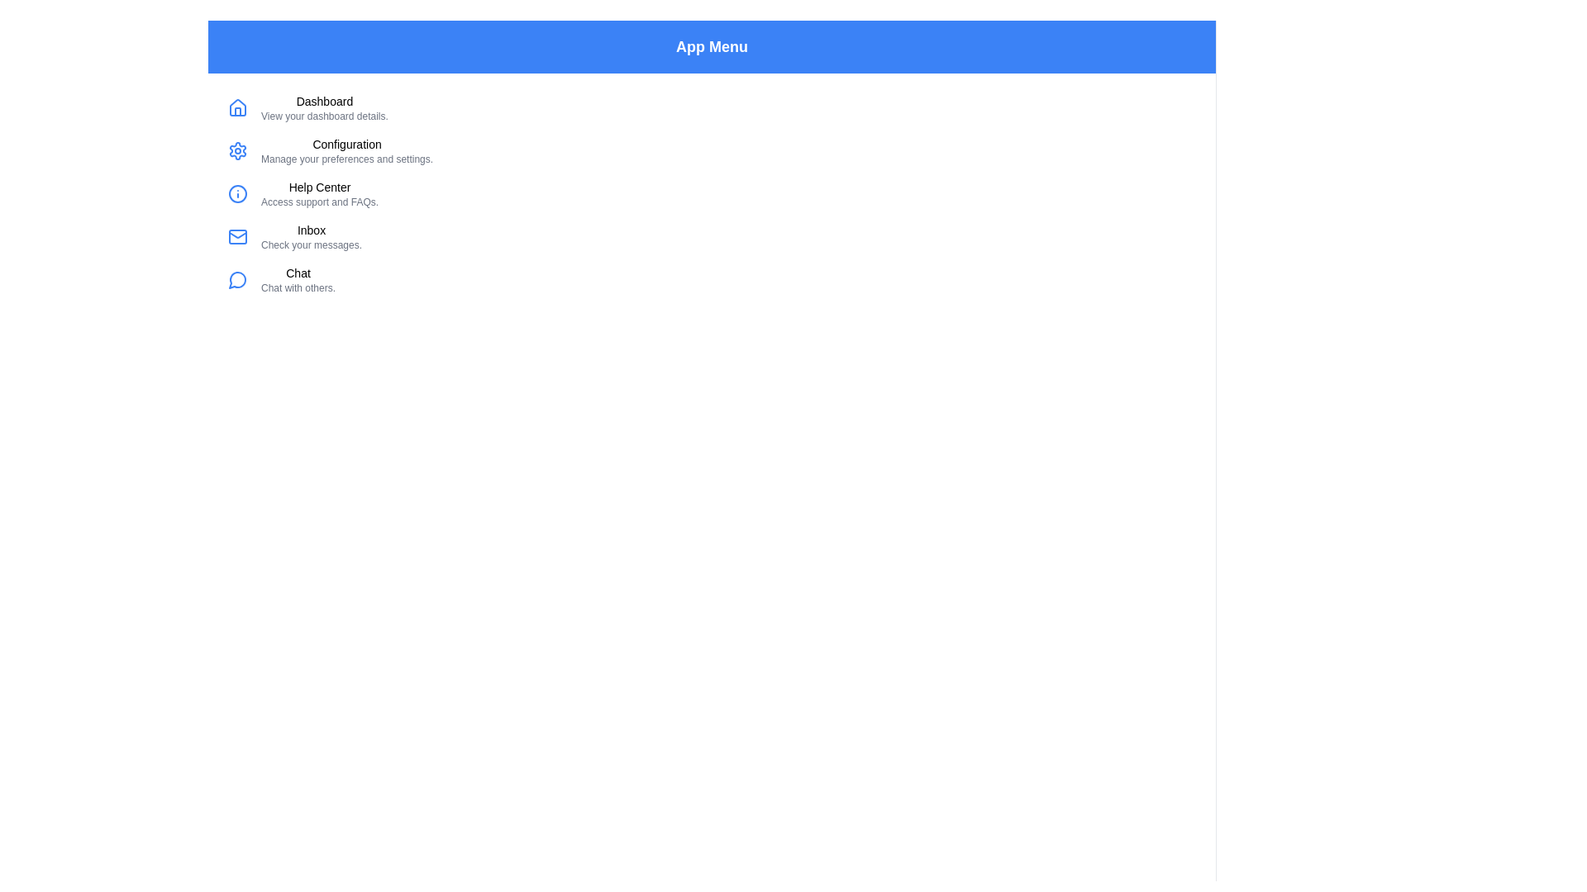 The height and width of the screenshot is (892, 1587). What do you see at coordinates (712, 46) in the screenshot?
I see `the 'App Menu' text label, which is styled in bold white font on a blue background, located at the top center of the page` at bounding box center [712, 46].